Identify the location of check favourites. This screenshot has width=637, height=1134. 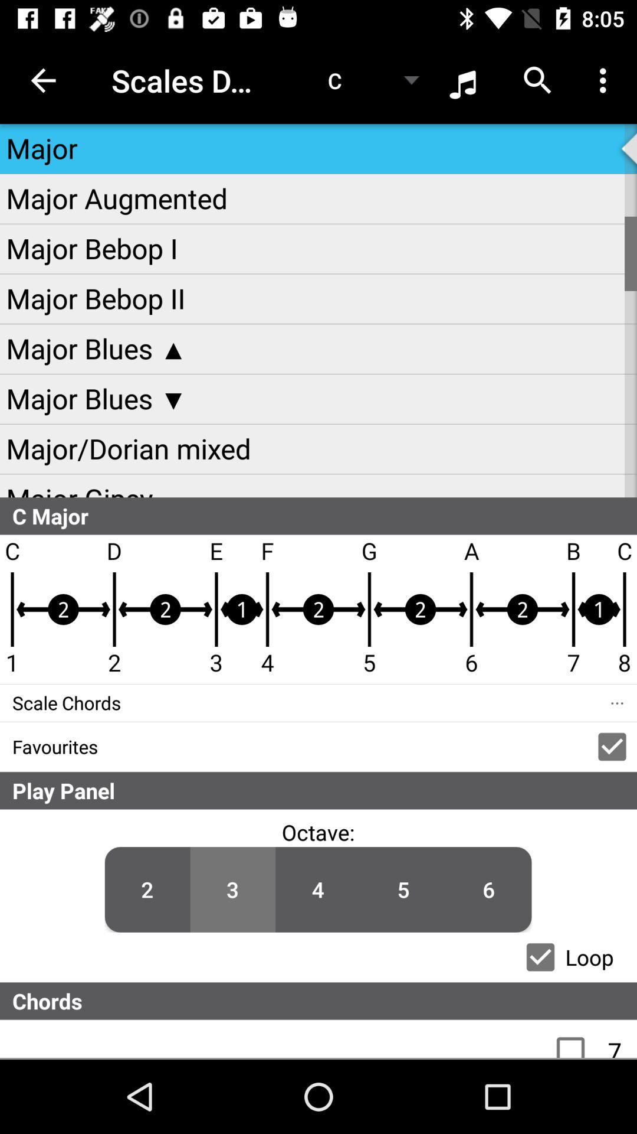
(611, 746).